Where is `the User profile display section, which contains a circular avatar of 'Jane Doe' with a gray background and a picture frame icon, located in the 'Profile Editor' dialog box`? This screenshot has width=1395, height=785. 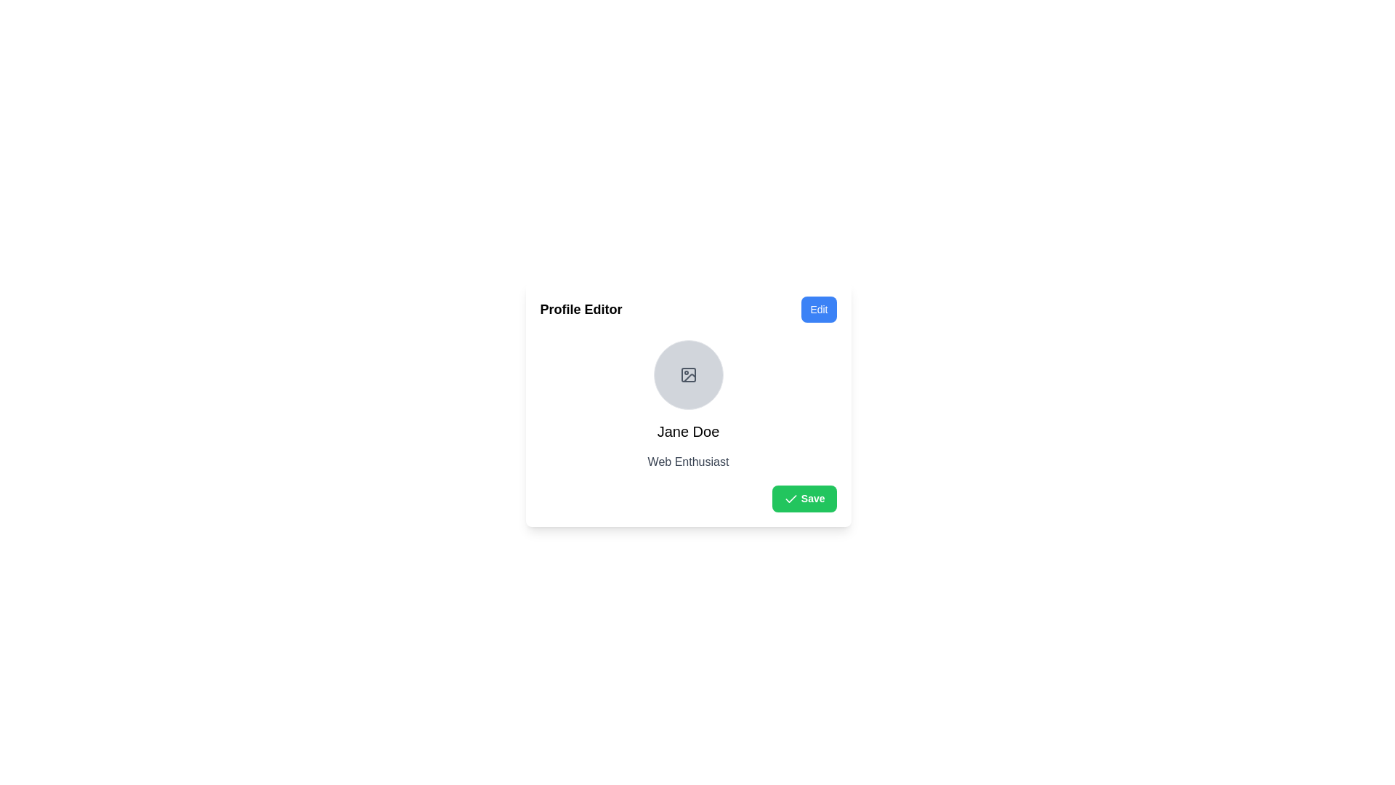
the User profile display section, which contains a circular avatar of 'Jane Doe' with a gray background and a picture frame icon, located in the 'Profile Editor' dialog box is located at coordinates (687, 406).